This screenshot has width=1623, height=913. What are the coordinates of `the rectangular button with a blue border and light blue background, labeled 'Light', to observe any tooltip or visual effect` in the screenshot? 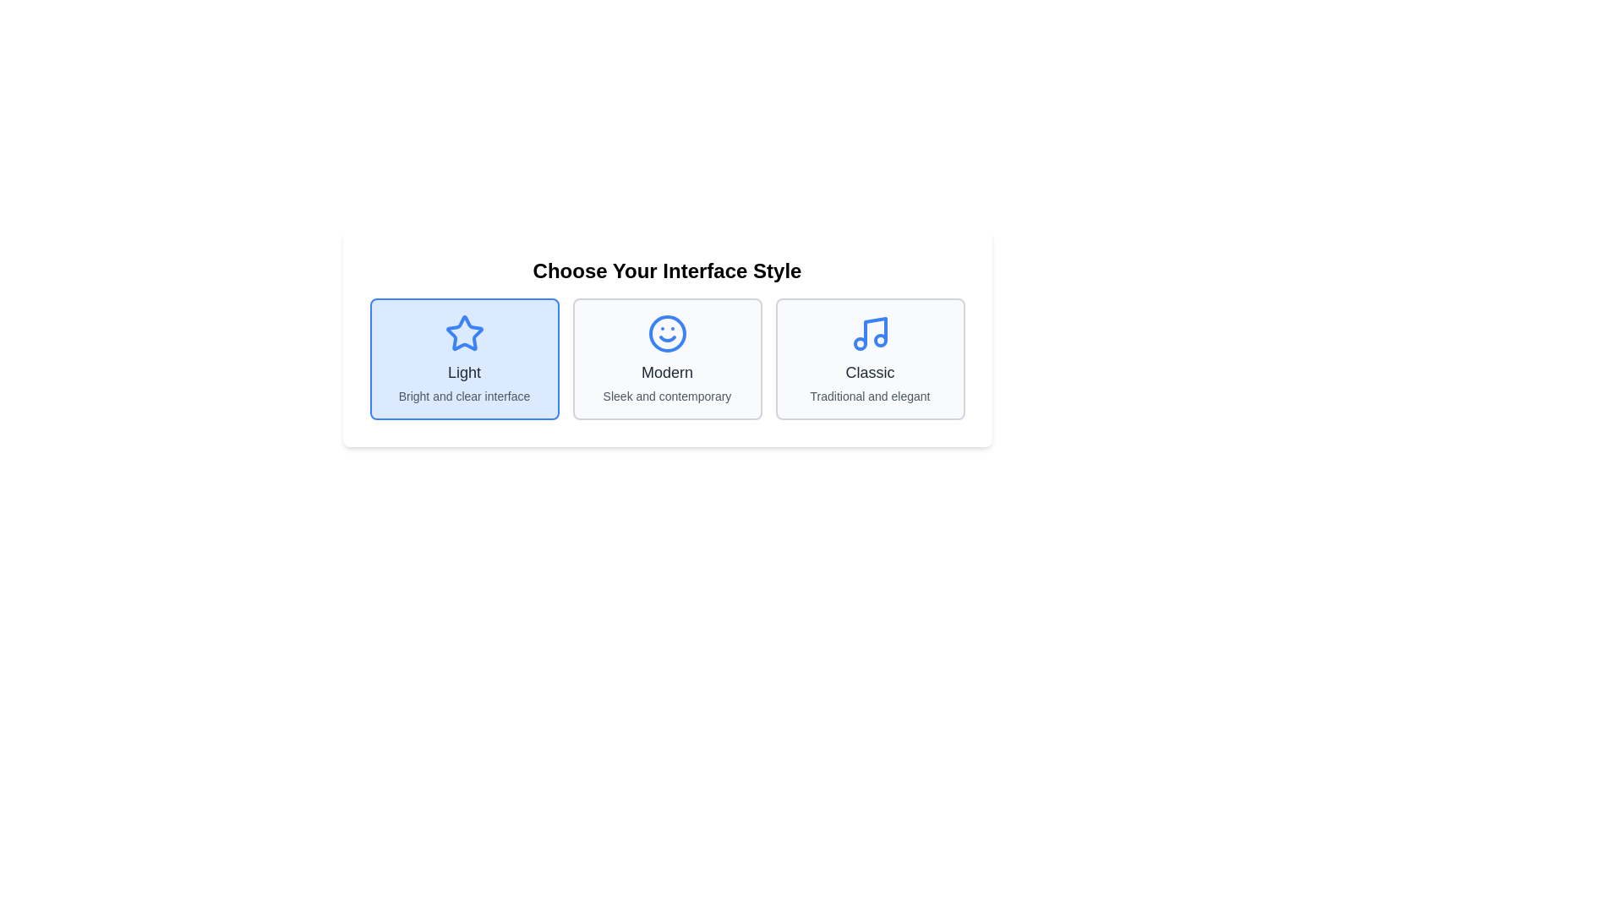 It's located at (464, 358).